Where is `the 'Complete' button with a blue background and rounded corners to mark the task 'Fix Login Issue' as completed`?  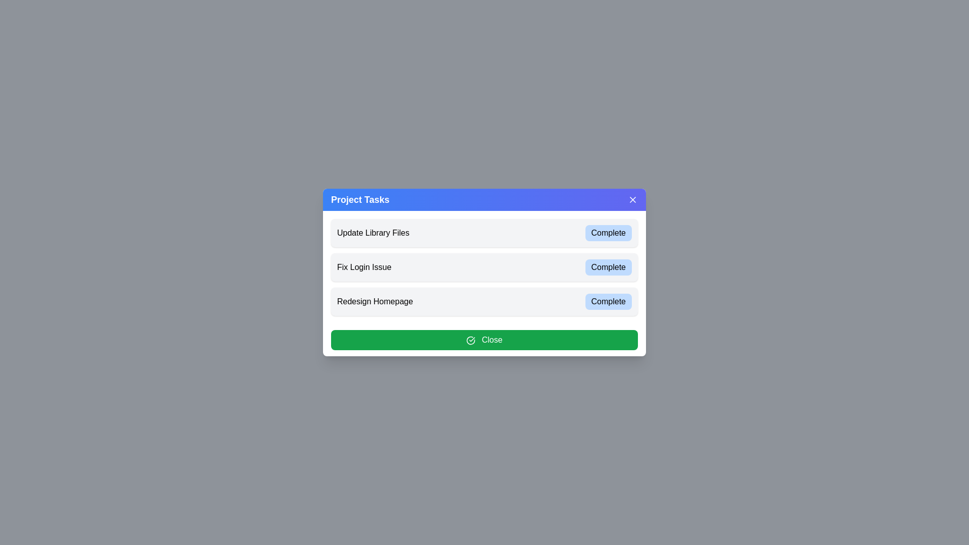
the 'Complete' button with a blue background and rounded corners to mark the task 'Fix Login Issue' as completed is located at coordinates (608, 266).